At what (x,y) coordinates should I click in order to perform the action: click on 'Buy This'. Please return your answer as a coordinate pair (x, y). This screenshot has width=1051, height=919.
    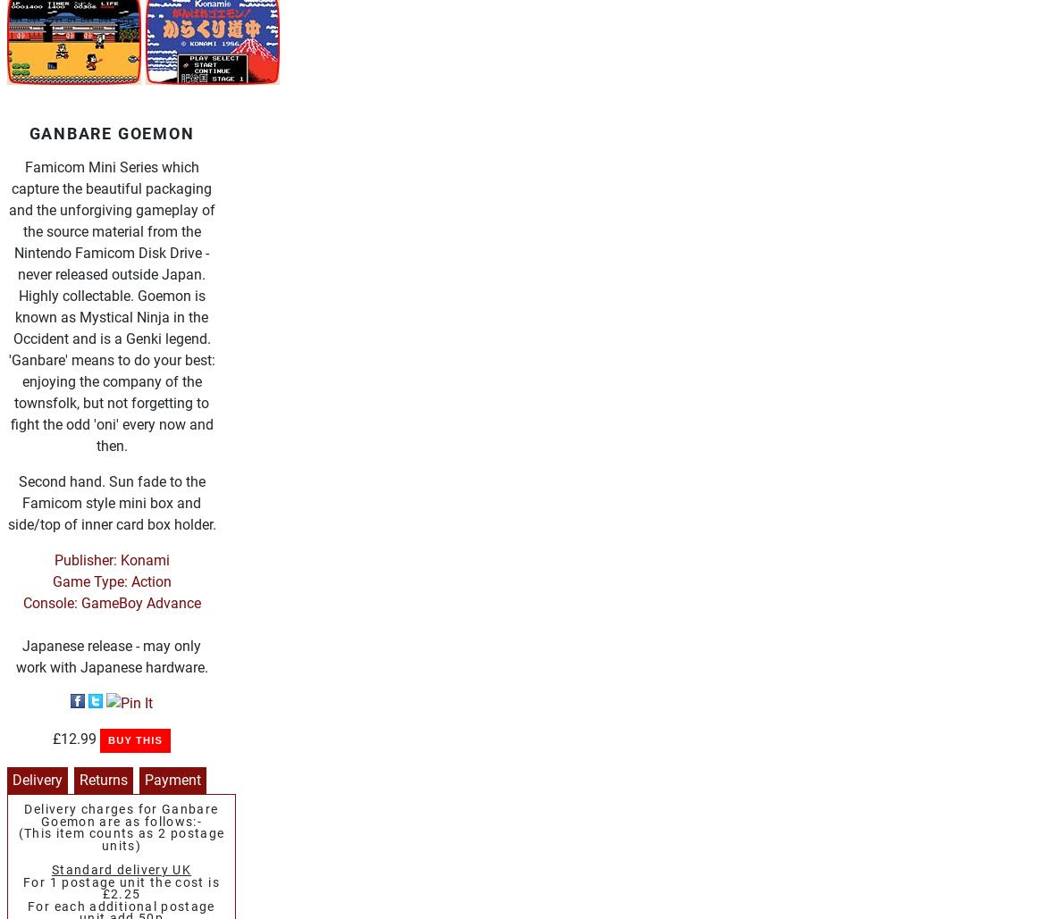
    Looking at the image, I should click on (134, 739).